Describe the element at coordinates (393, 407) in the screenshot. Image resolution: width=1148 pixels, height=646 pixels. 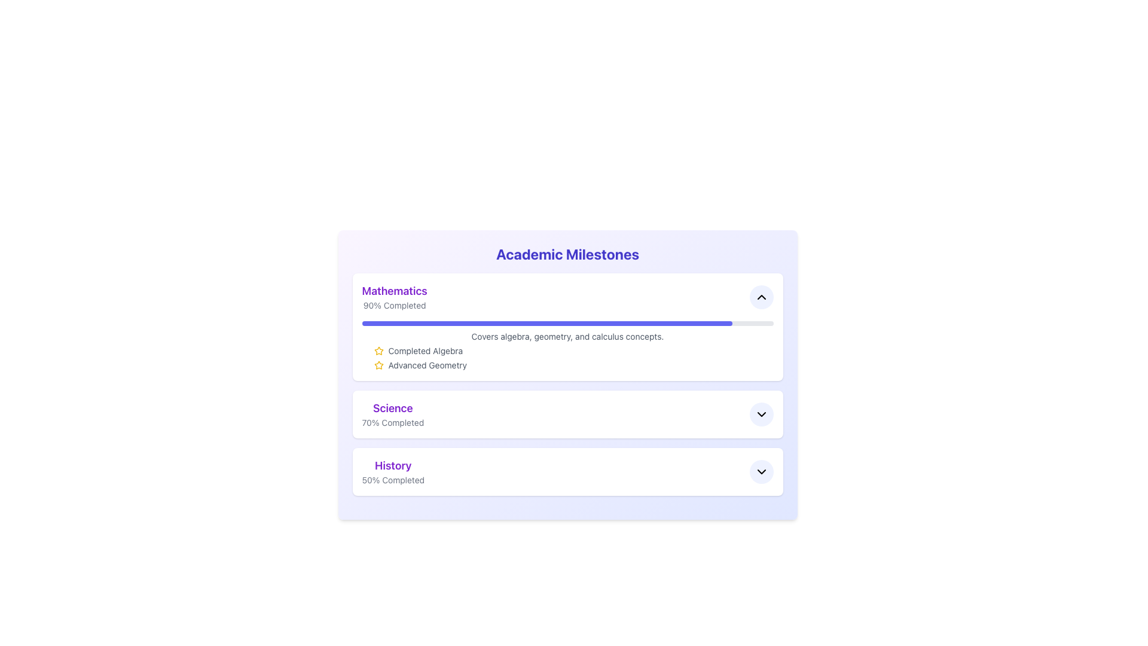
I see `the 'Science' label element, which serves as a header for the academic milestones listing interface` at that location.